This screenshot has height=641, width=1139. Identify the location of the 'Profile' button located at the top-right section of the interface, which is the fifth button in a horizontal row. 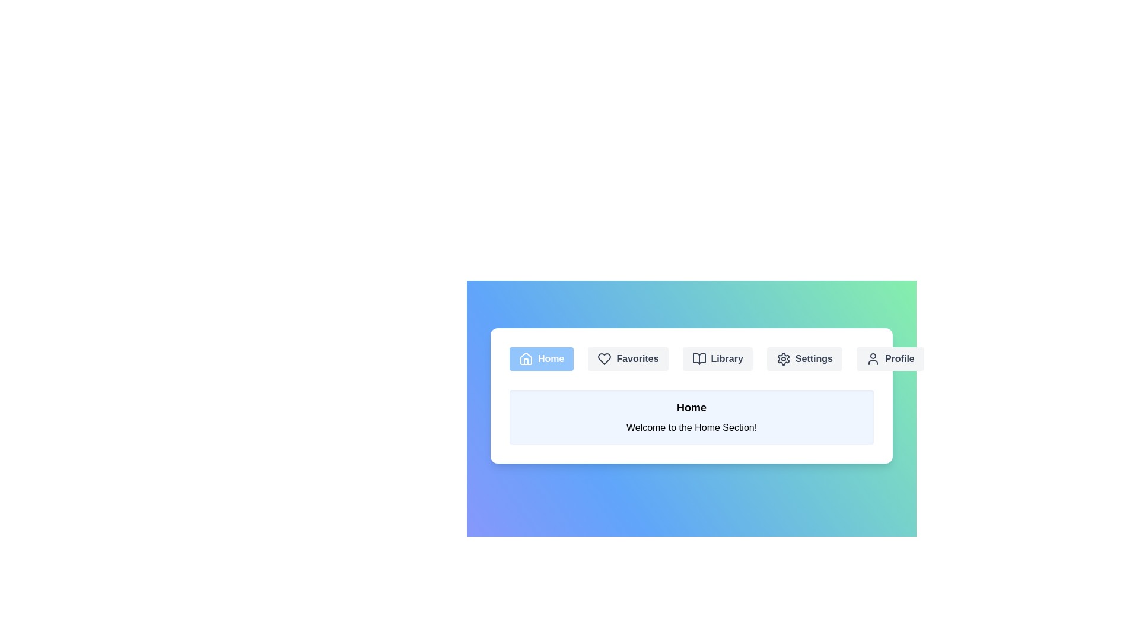
(889, 358).